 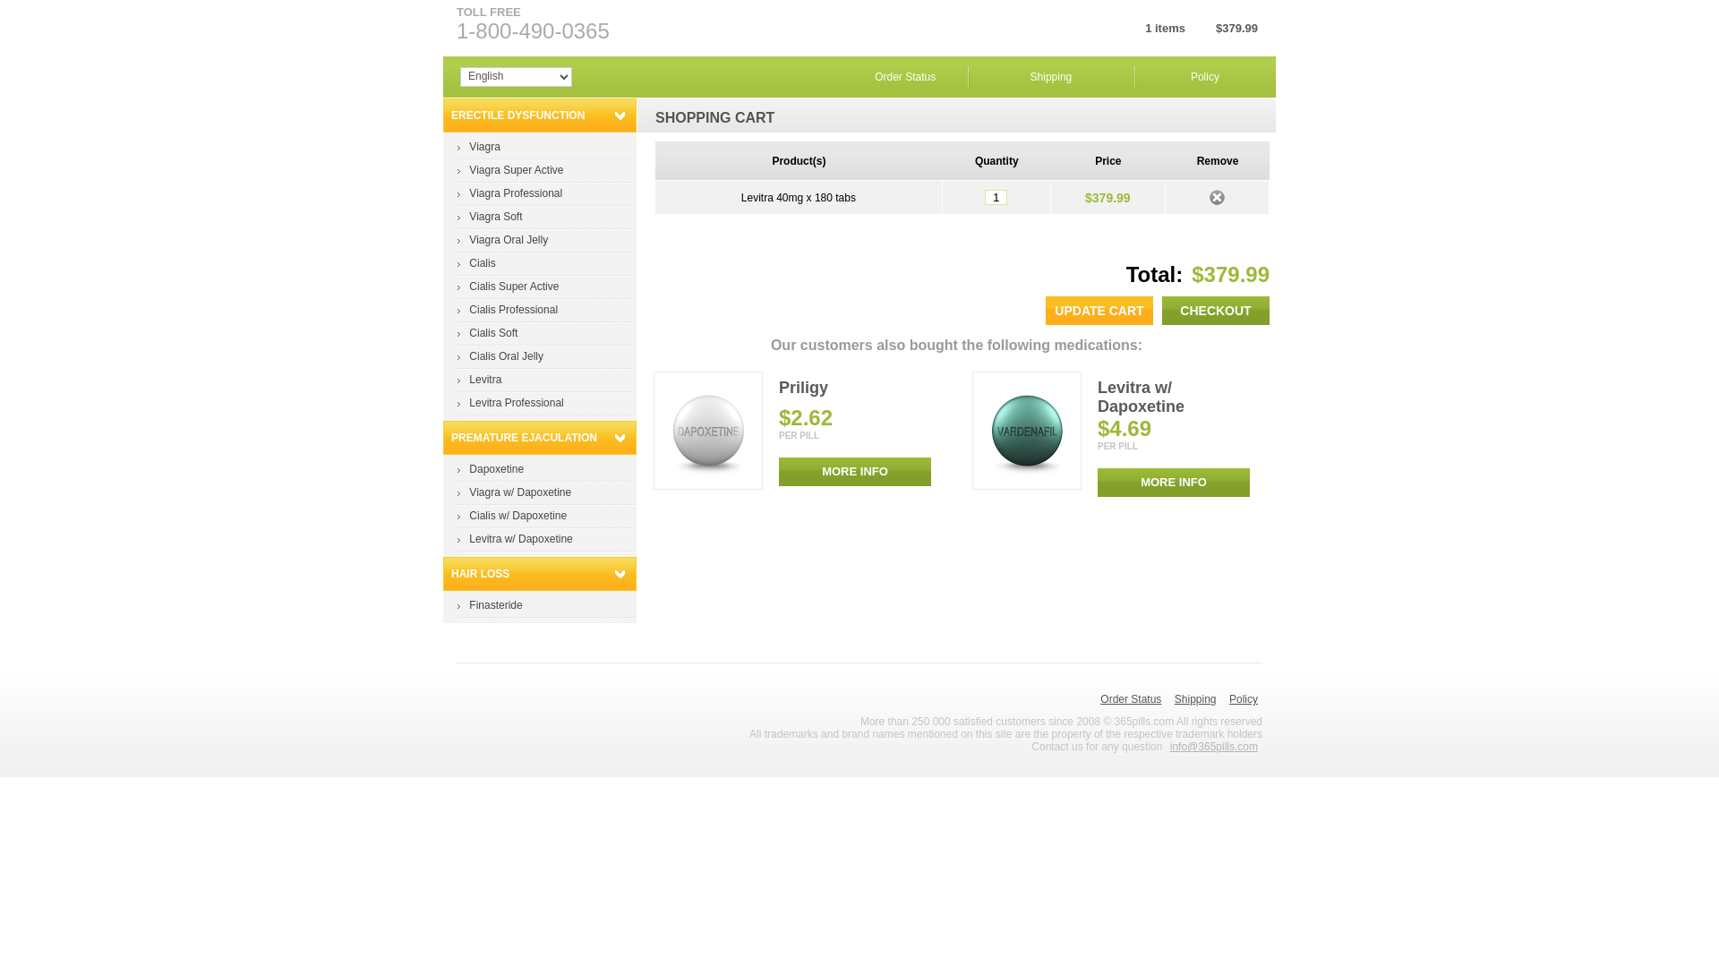 What do you see at coordinates (468, 238) in the screenshot?
I see `'Viagra Oral Jelly'` at bounding box center [468, 238].